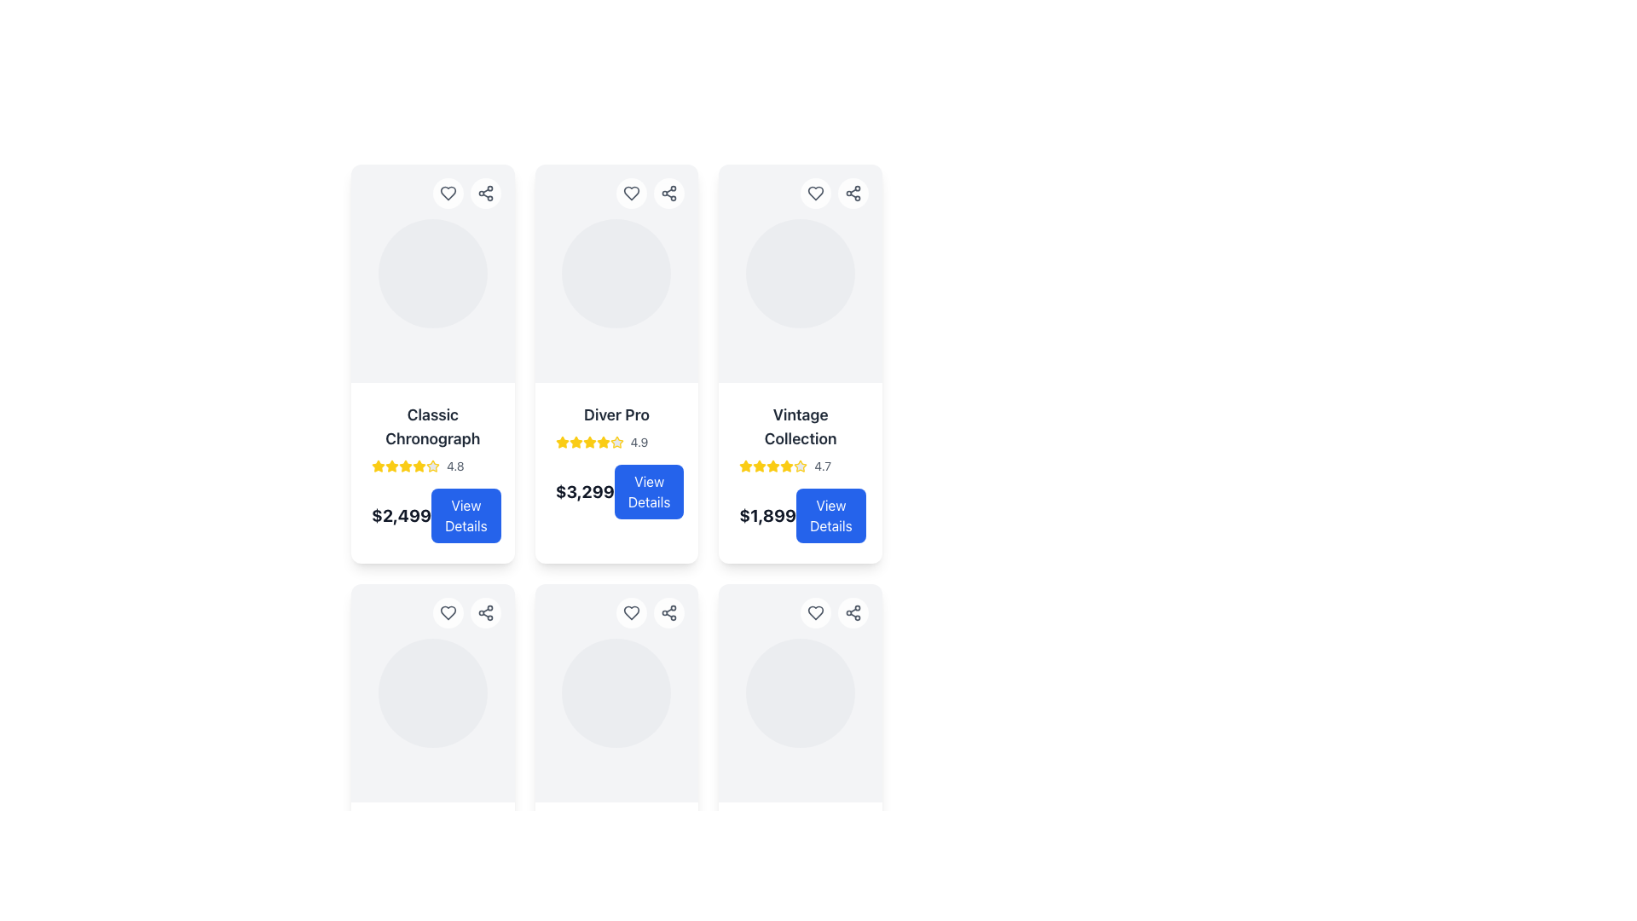 This screenshot has height=921, width=1637. Describe the element at coordinates (786, 466) in the screenshot. I see `the yellow star icon used in the rating interface of the 'Vintage Collection' card, which is the third card in the top row of the grid layout` at that location.